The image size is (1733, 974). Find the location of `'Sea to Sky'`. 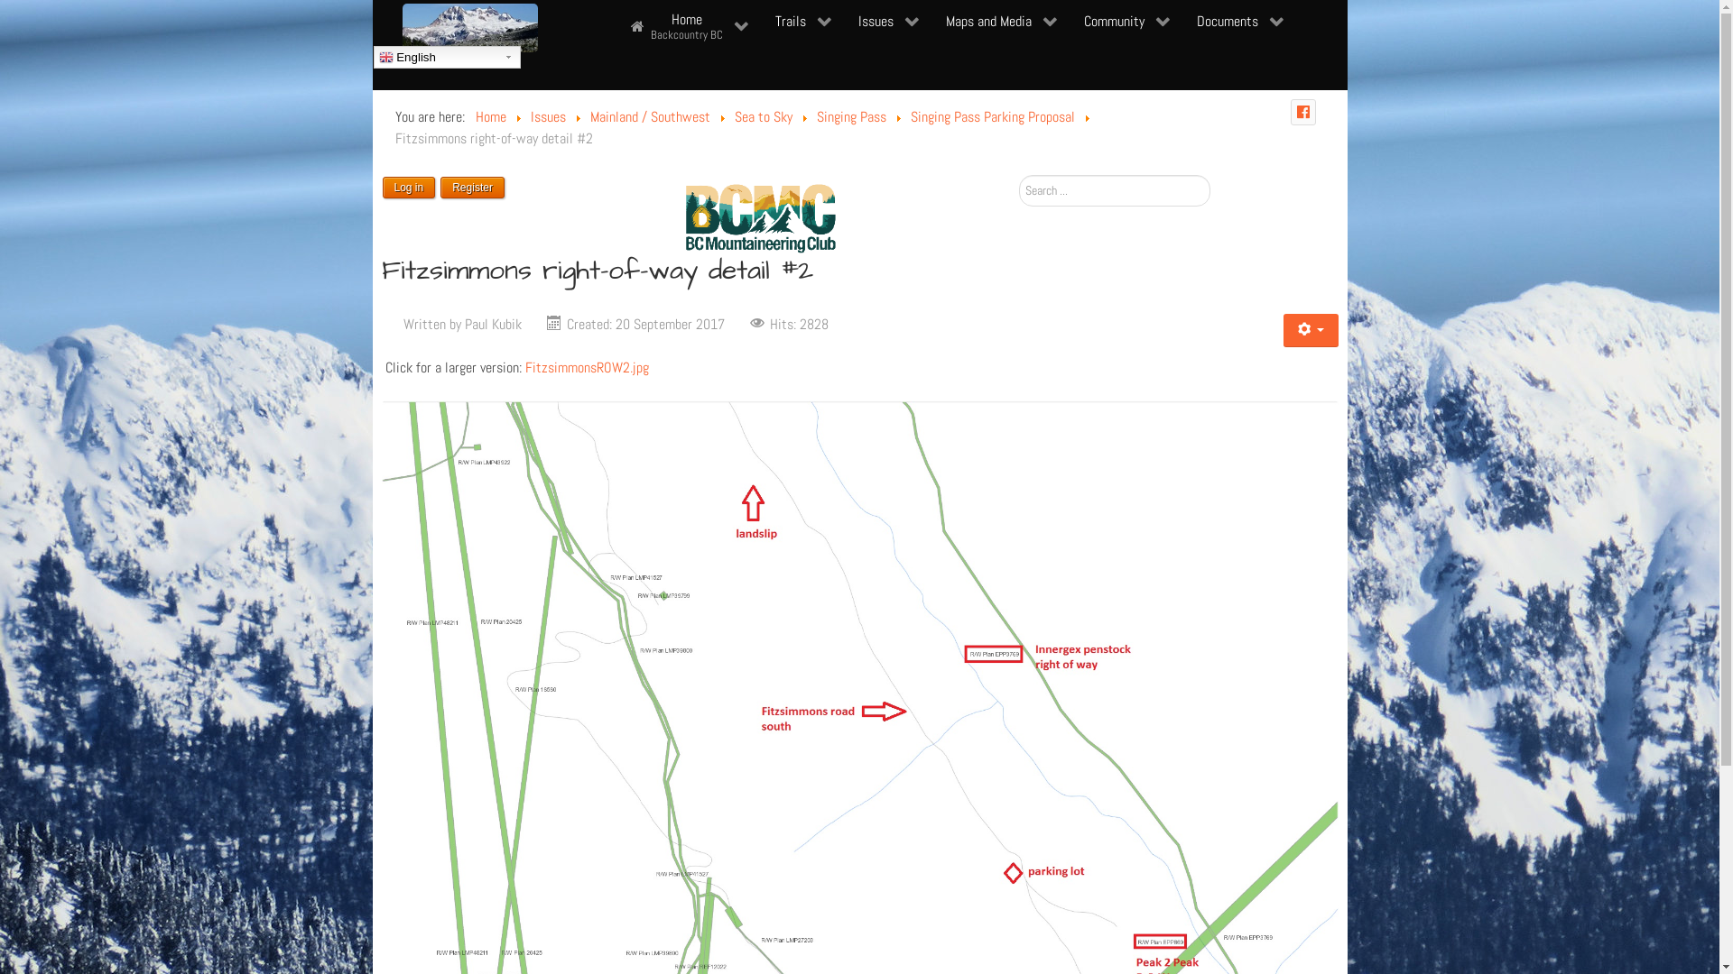

'Sea to Sky' is located at coordinates (763, 116).